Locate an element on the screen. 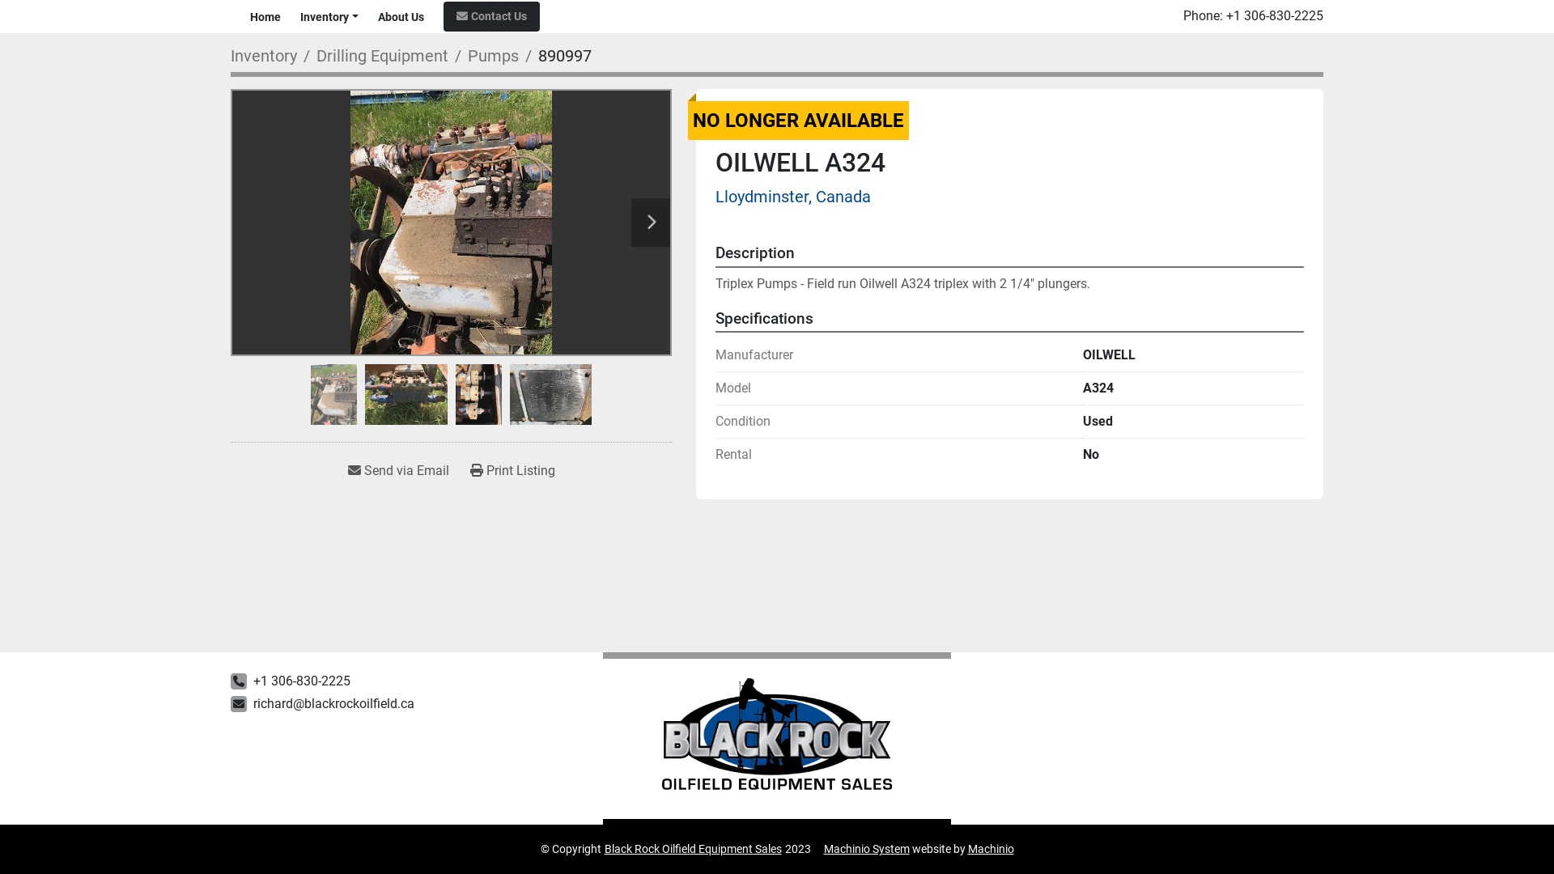 The image size is (1554, 874). '+1 306-830-2225' is located at coordinates (1273, 16).